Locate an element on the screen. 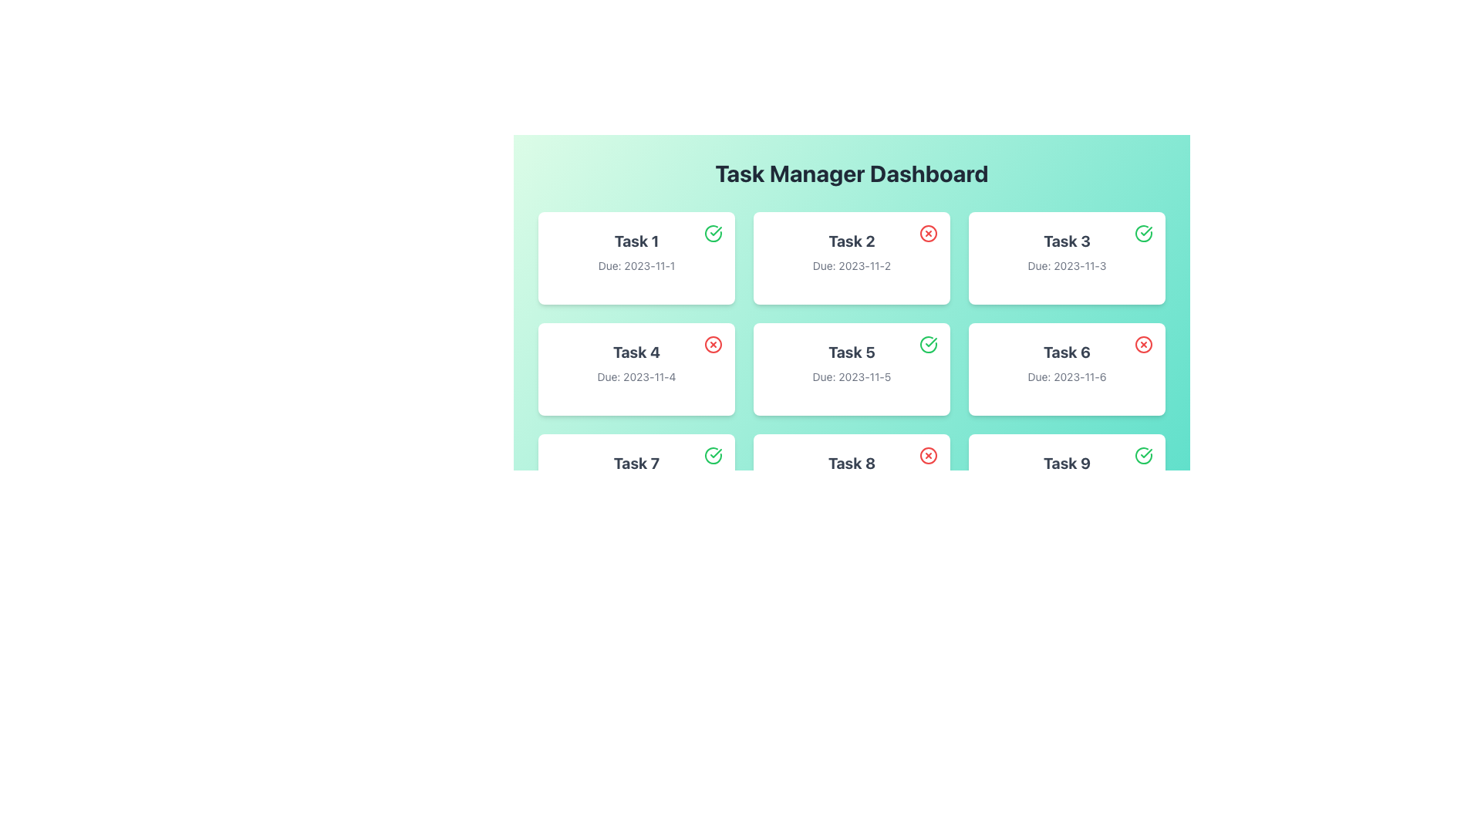  the SVG circle shape that indicates the pending status of 'Task 4' on the dashboard is located at coordinates (713, 344).